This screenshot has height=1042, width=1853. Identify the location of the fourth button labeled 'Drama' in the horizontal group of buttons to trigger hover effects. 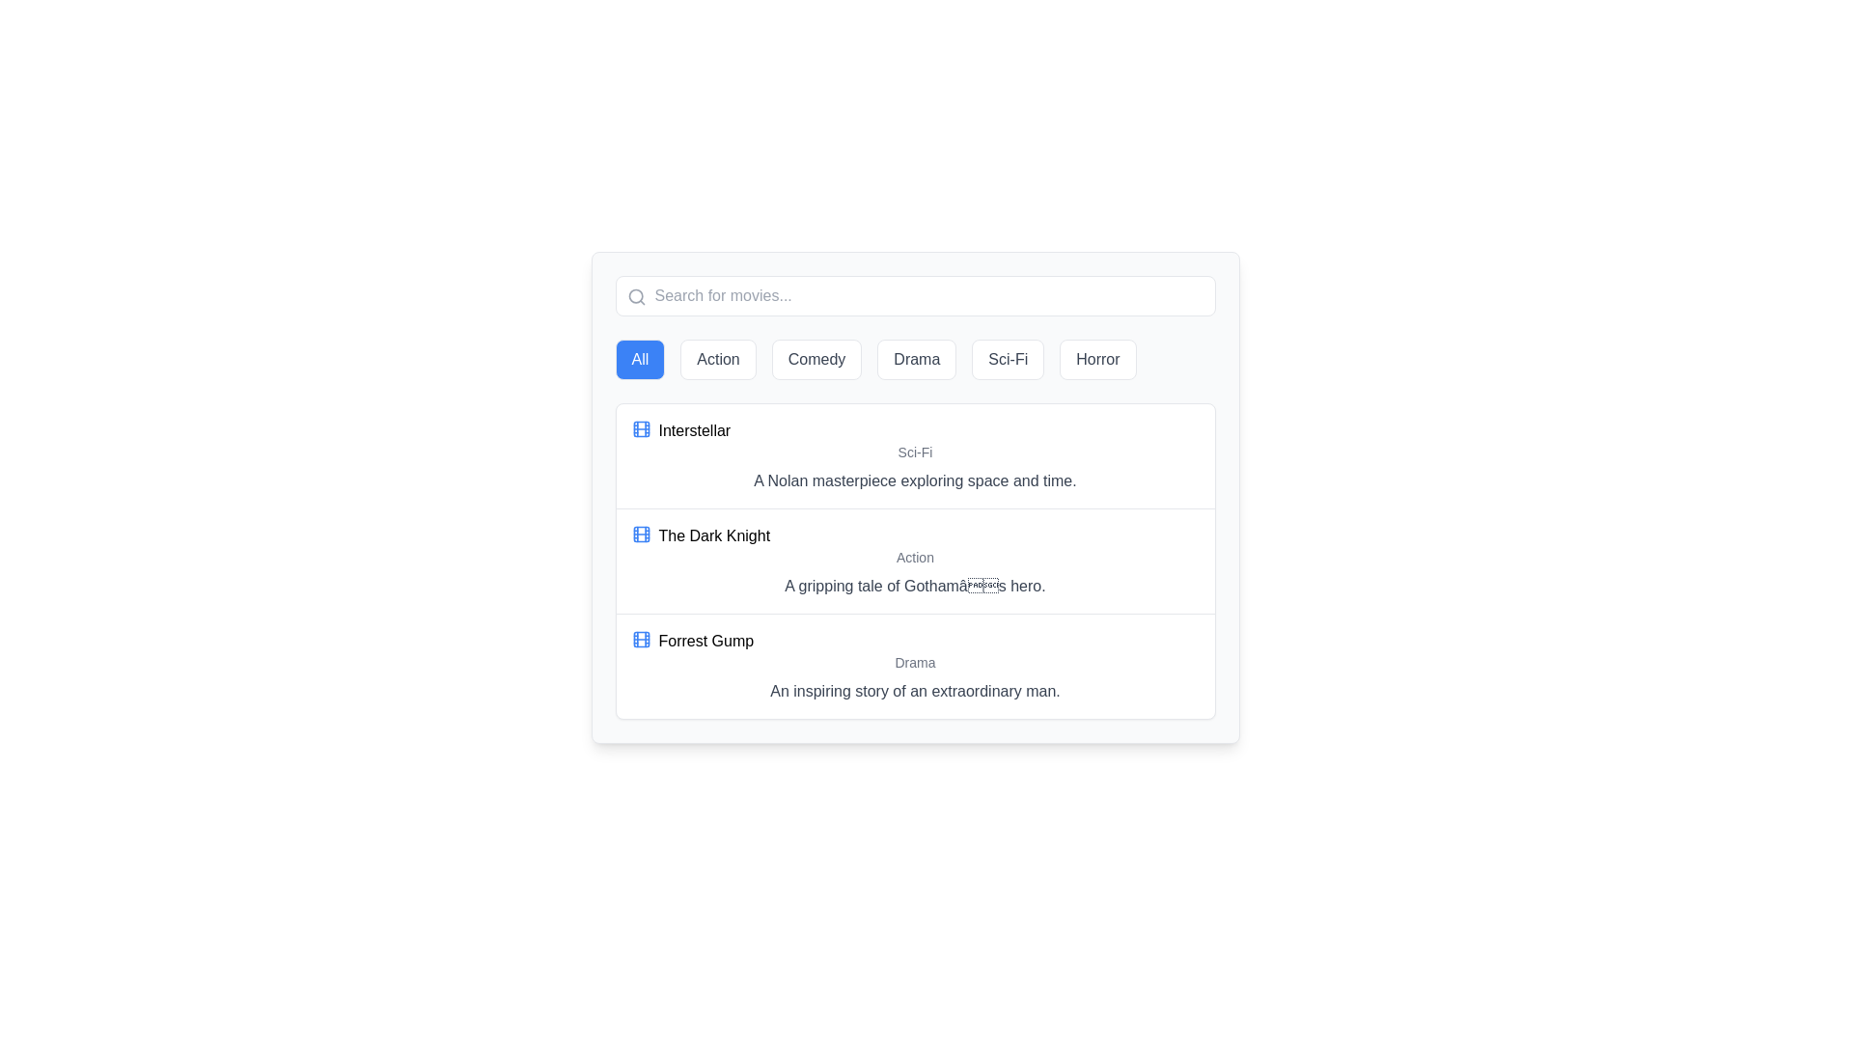
(916, 360).